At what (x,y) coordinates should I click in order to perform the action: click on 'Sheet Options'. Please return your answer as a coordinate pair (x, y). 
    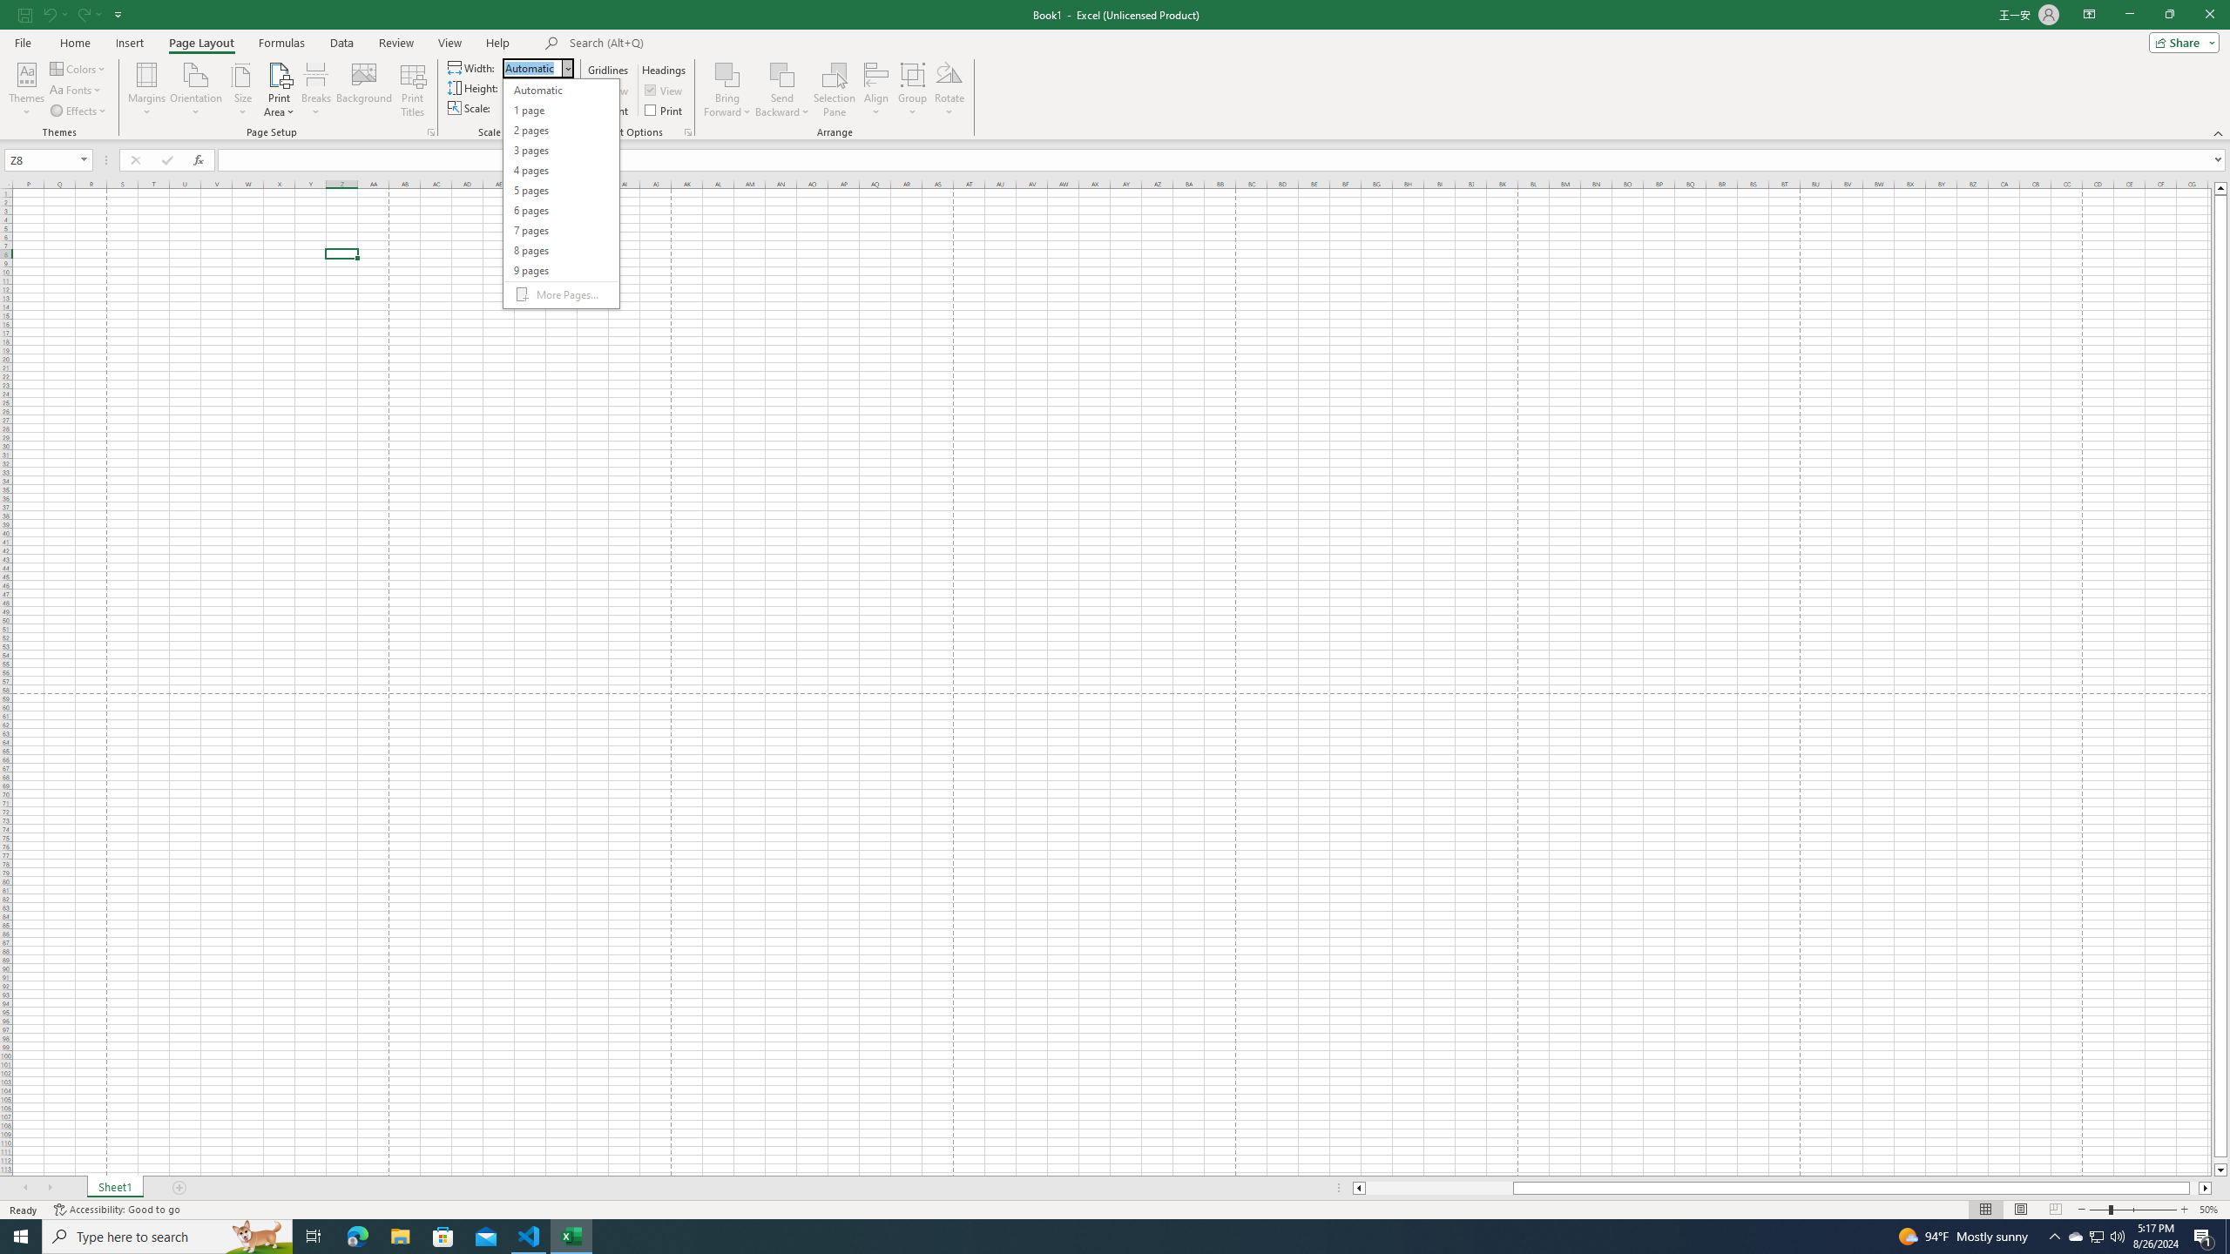
    Looking at the image, I should click on (686, 131).